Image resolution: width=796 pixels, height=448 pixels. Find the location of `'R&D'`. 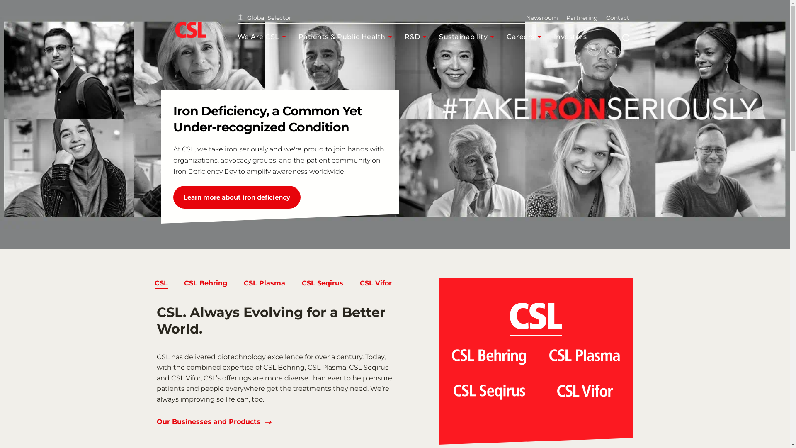

'R&D' is located at coordinates (404, 36).